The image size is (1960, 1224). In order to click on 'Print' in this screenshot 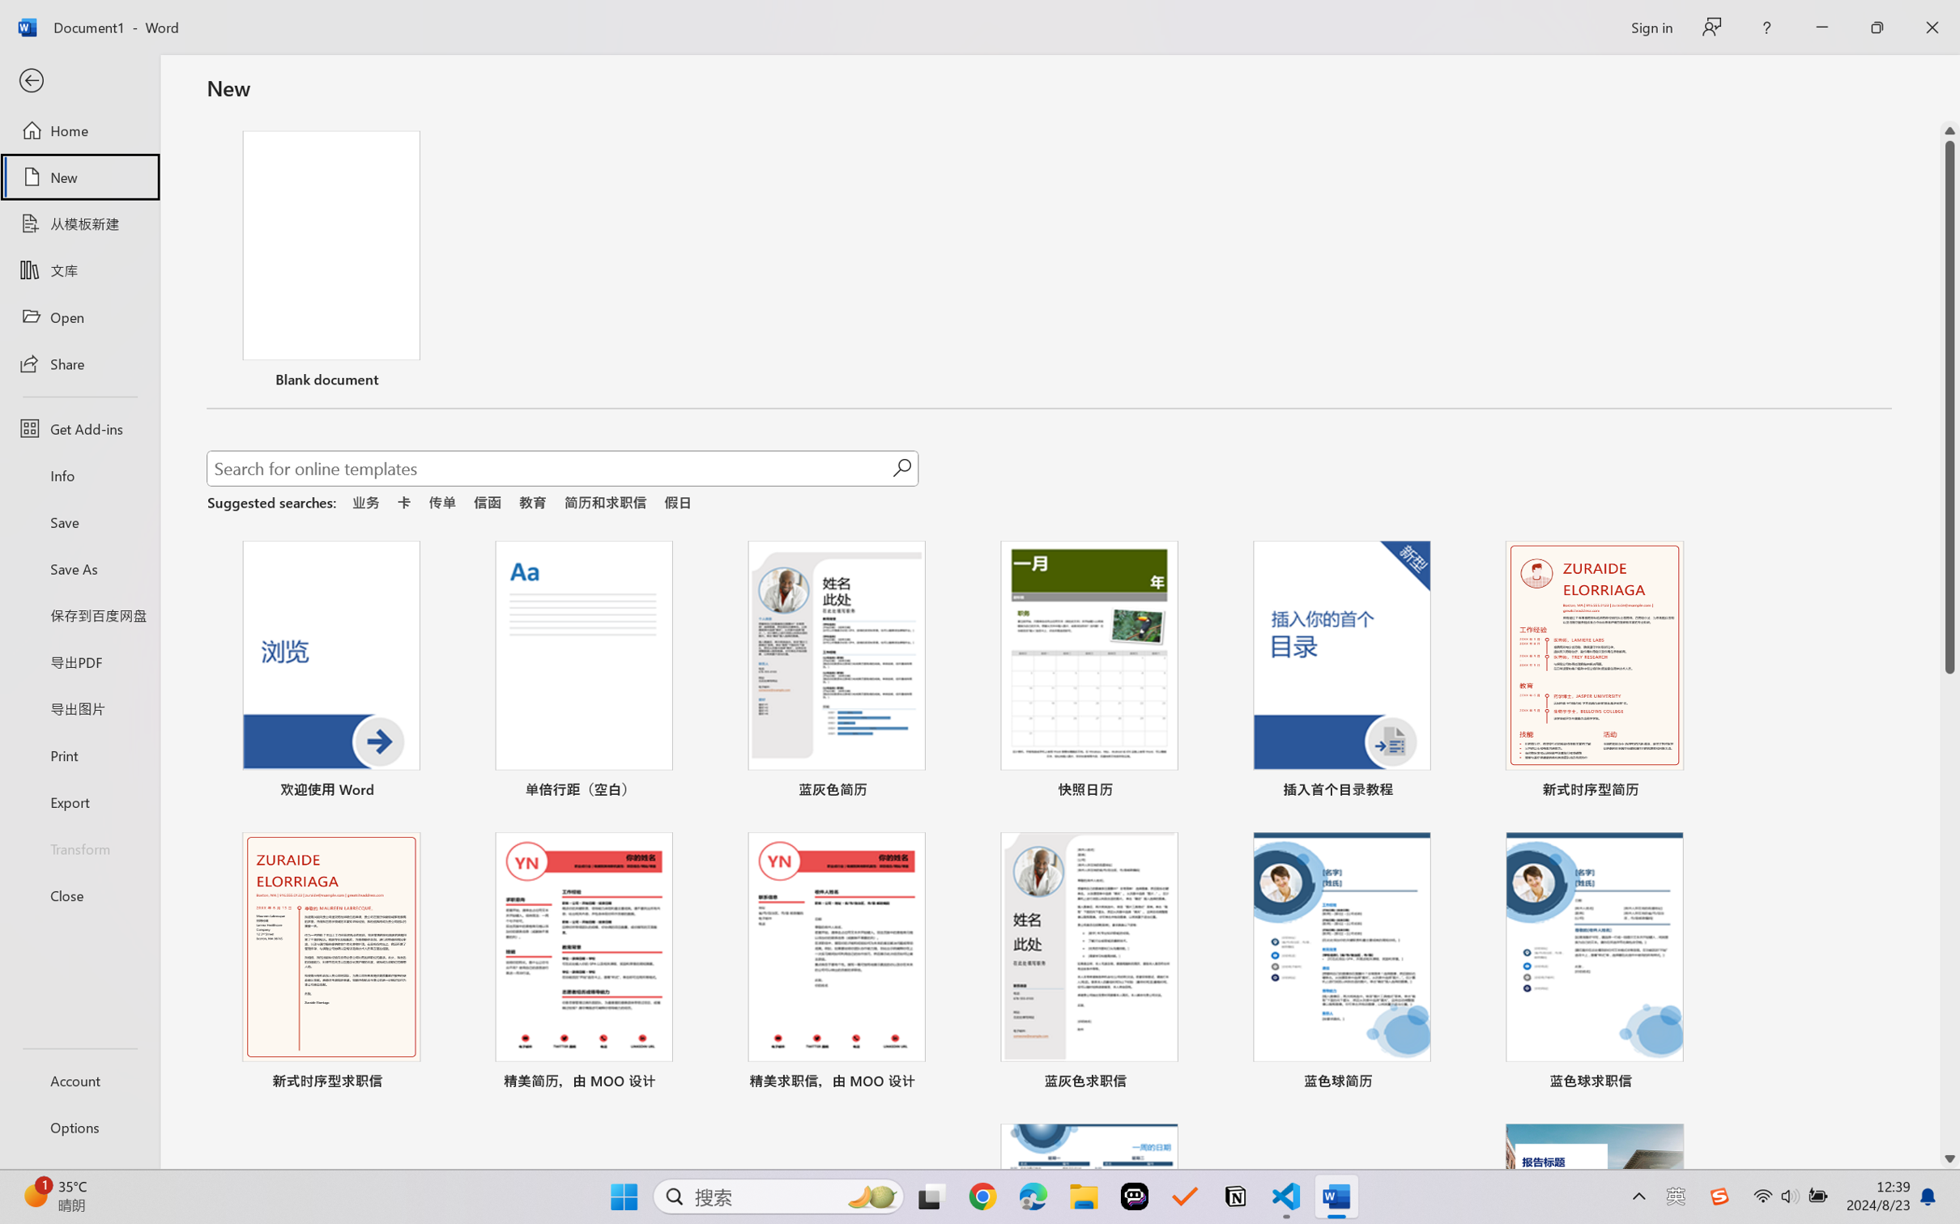, I will do `click(79, 755)`.